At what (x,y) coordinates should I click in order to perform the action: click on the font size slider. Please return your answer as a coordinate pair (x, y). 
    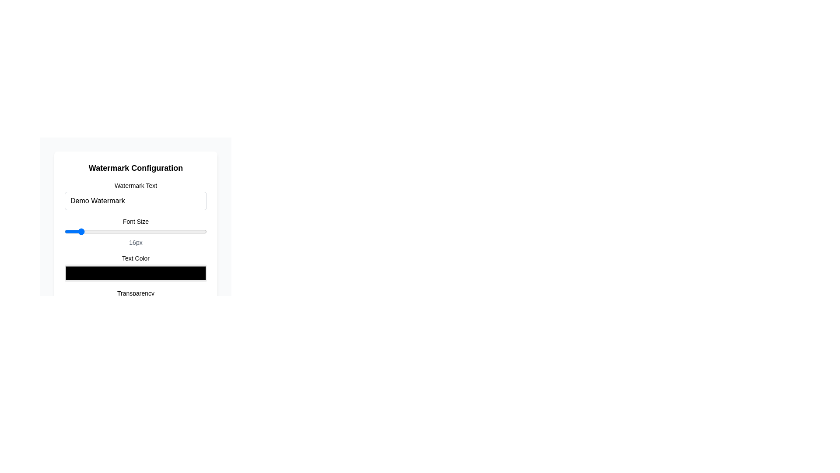
    Looking at the image, I should click on (92, 231).